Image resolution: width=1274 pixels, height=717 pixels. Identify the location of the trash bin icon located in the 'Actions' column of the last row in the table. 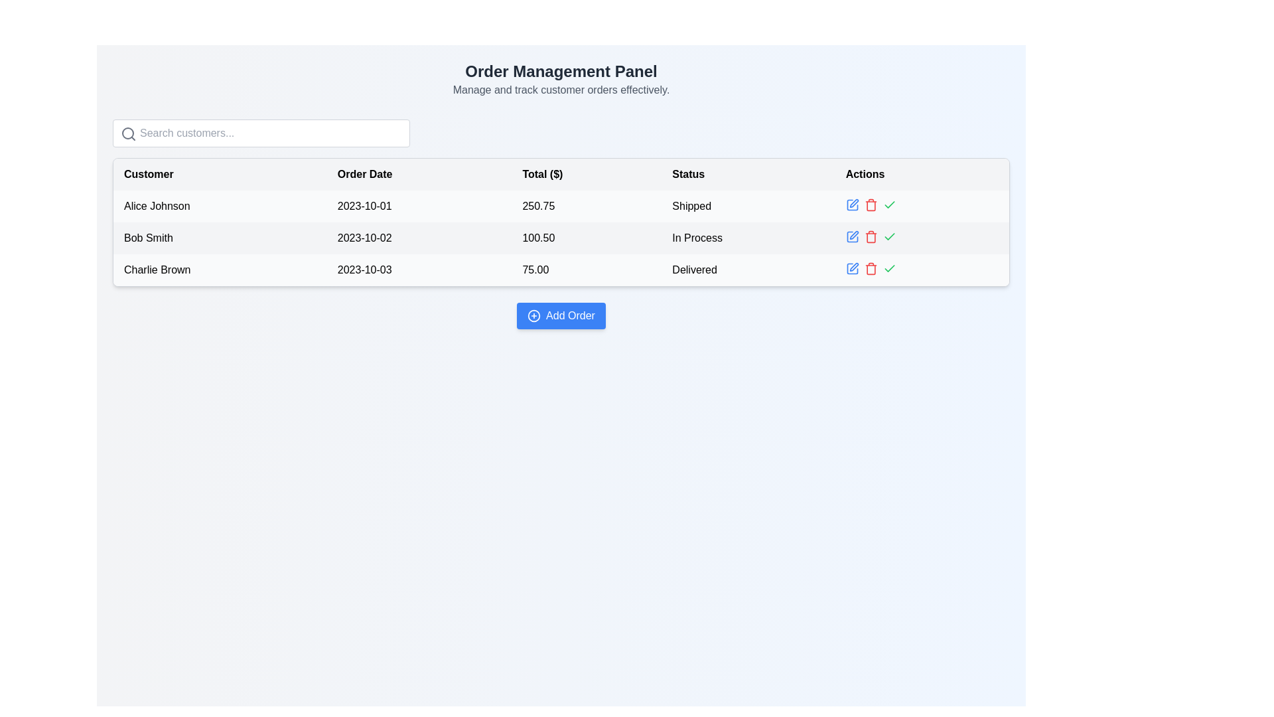
(871, 269).